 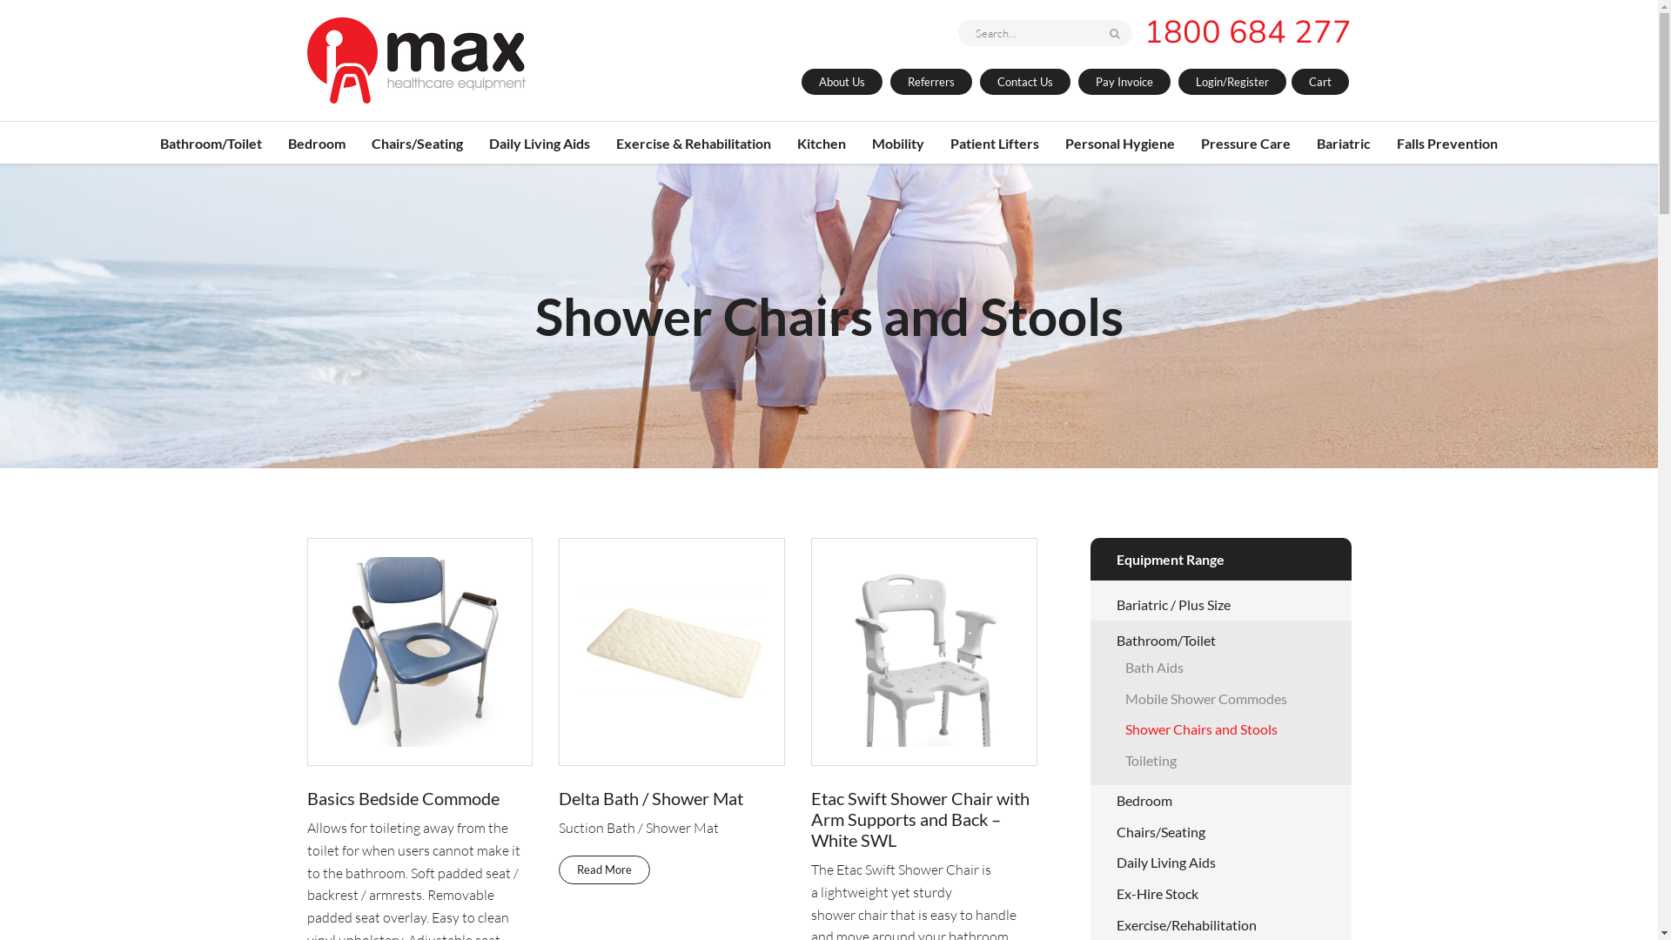 What do you see at coordinates (1024, 81) in the screenshot?
I see `'Contact Us'` at bounding box center [1024, 81].